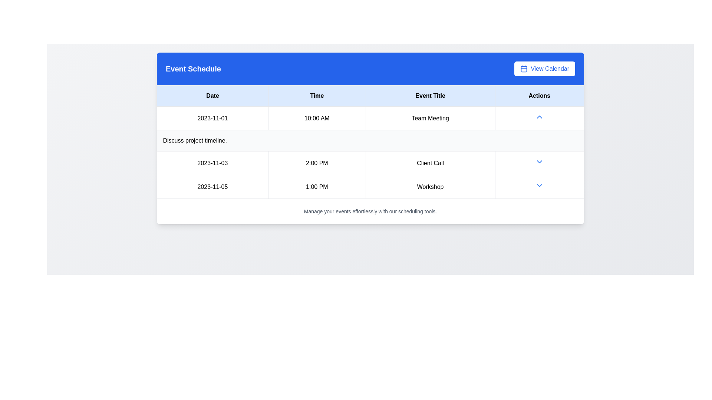 The height and width of the screenshot is (400, 712). What do you see at coordinates (550, 69) in the screenshot?
I see `the 'View Calendar' text label located in the top right corner of a table header, adjacent to the calendar icon` at bounding box center [550, 69].